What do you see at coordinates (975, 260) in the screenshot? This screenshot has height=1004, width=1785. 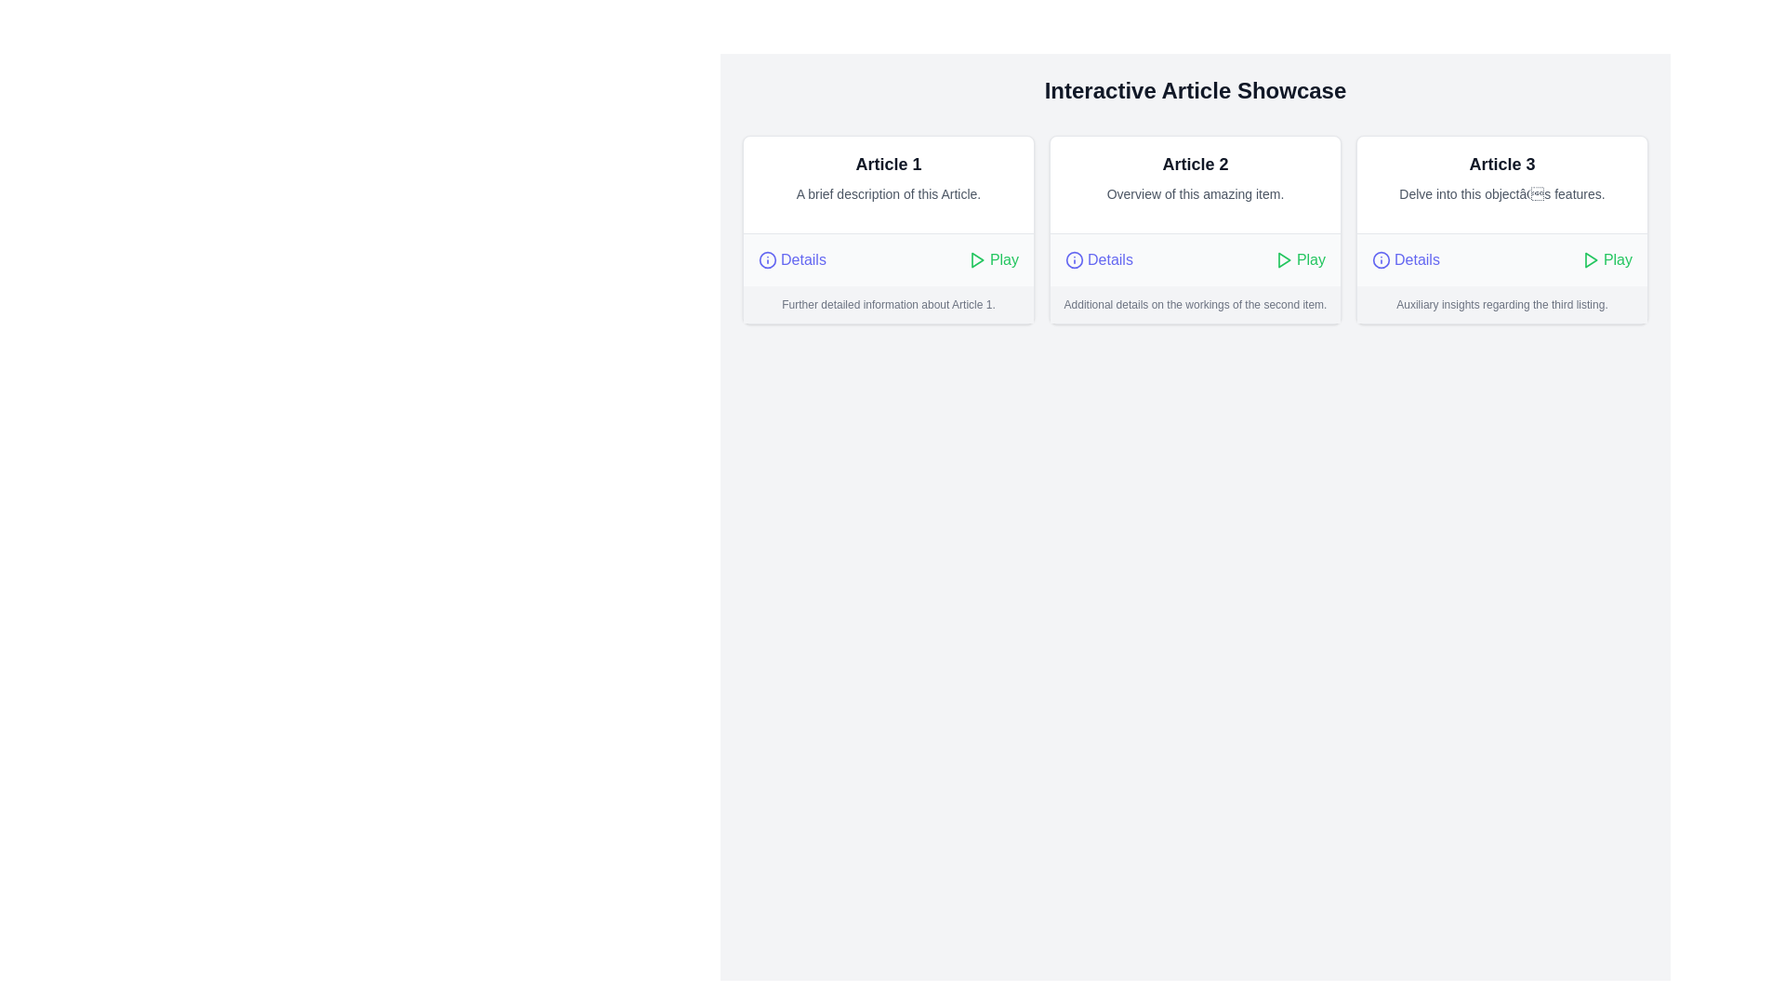 I see `the 'Play' icon located under Article 1 to initiate playback` at bounding box center [975, 260].